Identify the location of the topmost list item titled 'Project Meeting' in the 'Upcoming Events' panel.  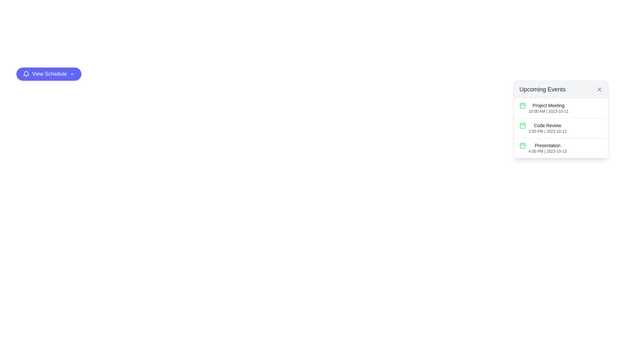
(560, 108).